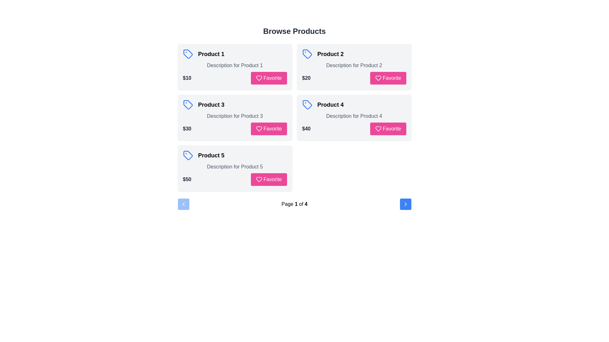 This screenshot has height=342, width=609. I want to click on the prominent 'Browse Products' text label located at the top of the product browsing interface, so click(294, 31).